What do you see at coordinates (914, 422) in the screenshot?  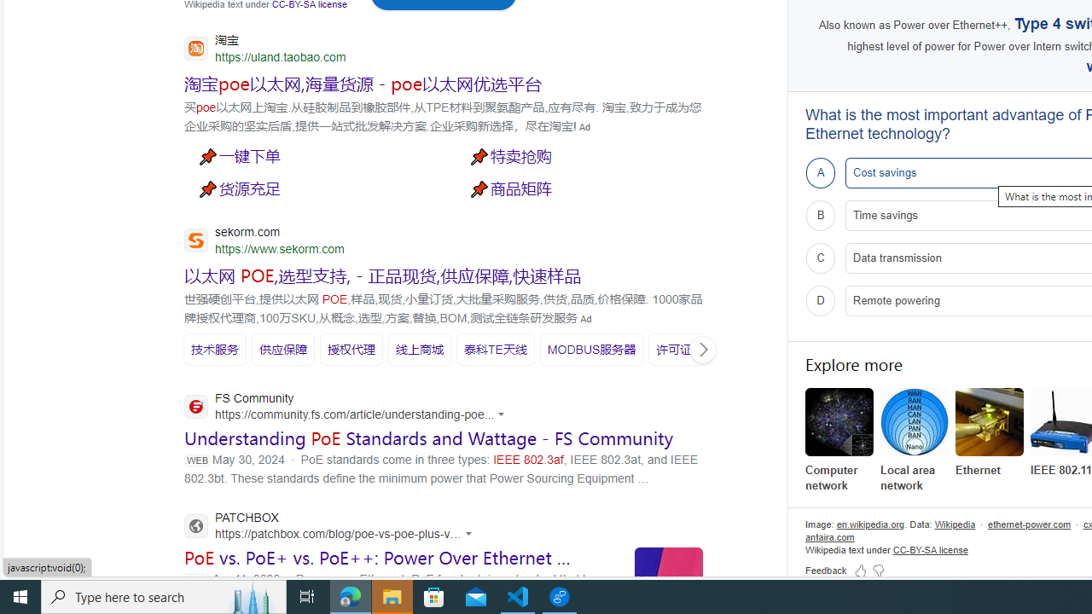 I see `'Local area network'` at bounding box center [914, 422].